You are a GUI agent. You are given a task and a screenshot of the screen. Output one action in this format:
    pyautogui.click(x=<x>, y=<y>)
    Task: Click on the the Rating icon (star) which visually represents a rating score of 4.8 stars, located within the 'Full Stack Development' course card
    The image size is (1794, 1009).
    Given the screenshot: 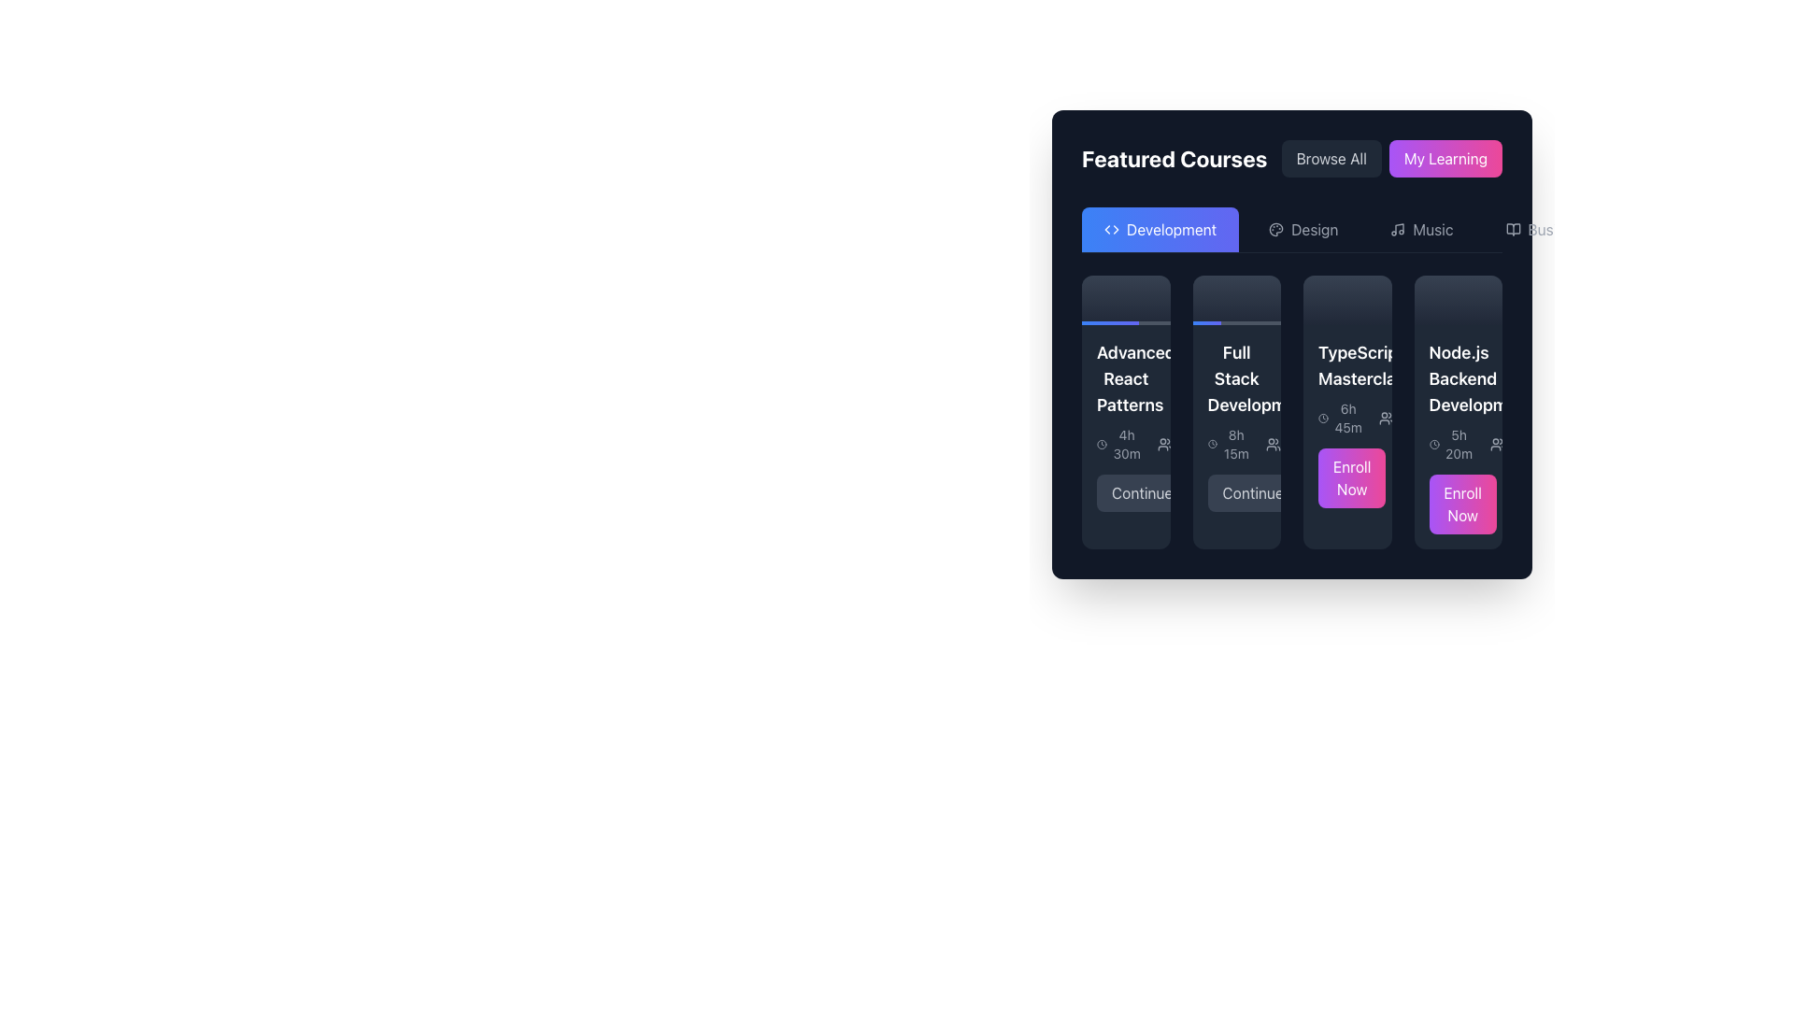 What is the action you would take?
    pyautogui.click(x=1232, y=445)
    